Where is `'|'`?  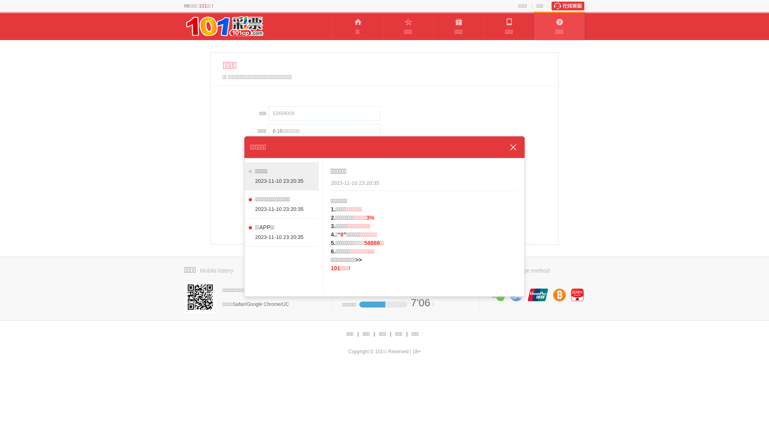 '|' is located at coordinates (407, 334).